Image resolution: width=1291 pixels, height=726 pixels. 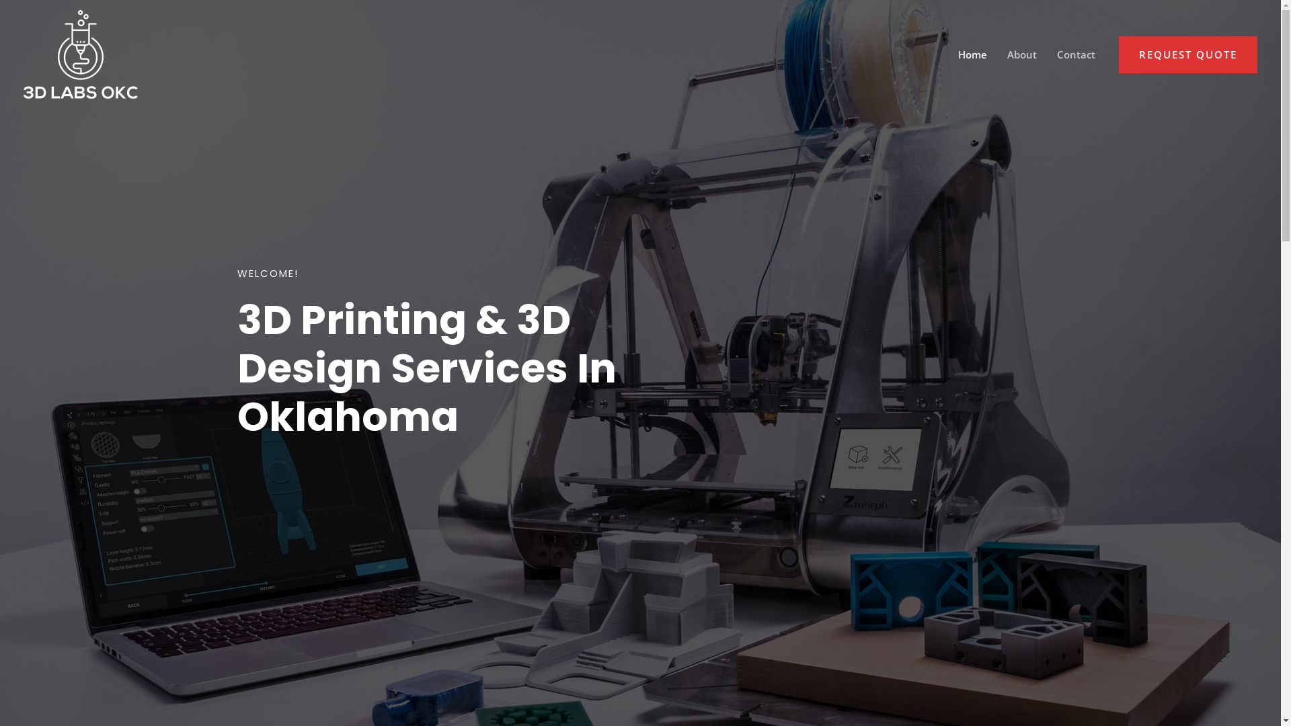 What do you see at coordinates (972, 54) in the screenshot?
I see `'Home'` at bounding box center [972, 54].